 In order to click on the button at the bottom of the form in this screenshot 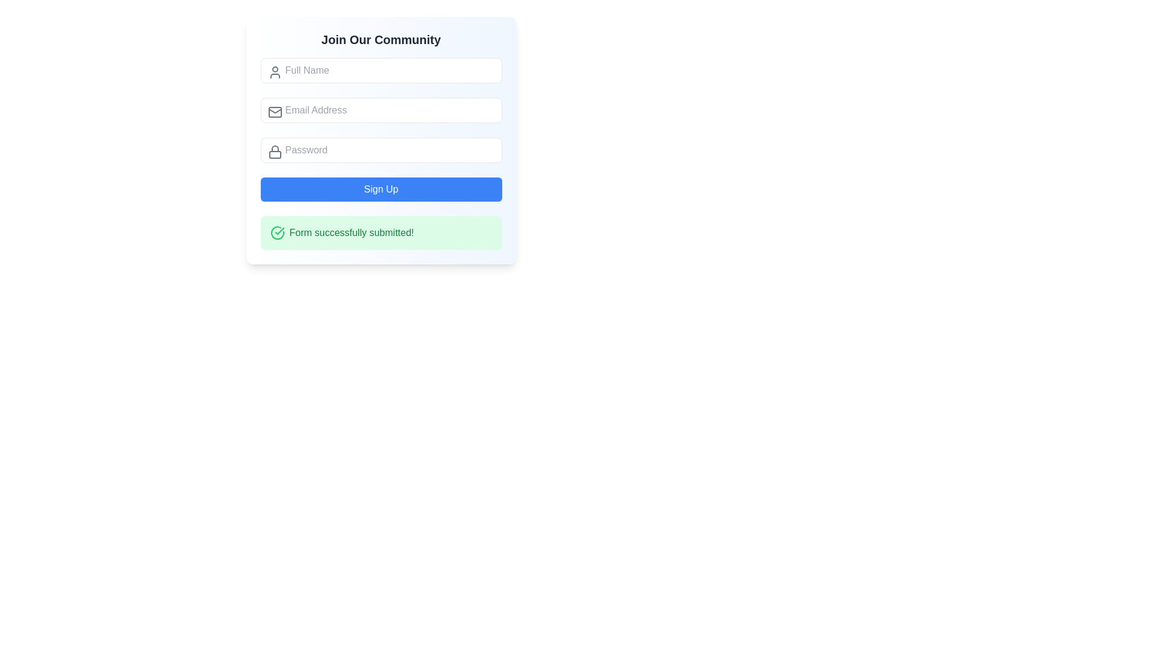, I will do `click(380, 189)`.